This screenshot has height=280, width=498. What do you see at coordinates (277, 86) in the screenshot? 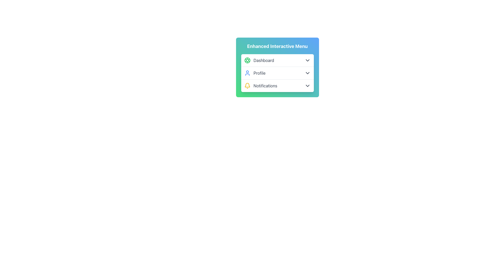
I see `the third menu item labeled under 'Enhanced Interactive Menu'` at bounding box center [277, 86].